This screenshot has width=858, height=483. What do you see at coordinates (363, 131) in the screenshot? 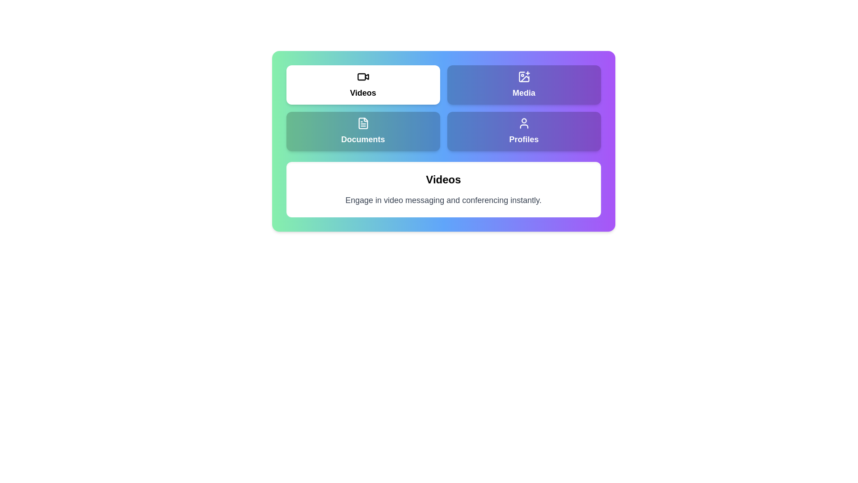
I see `the Documents tab to view its content` at bounding box center [363, 131].